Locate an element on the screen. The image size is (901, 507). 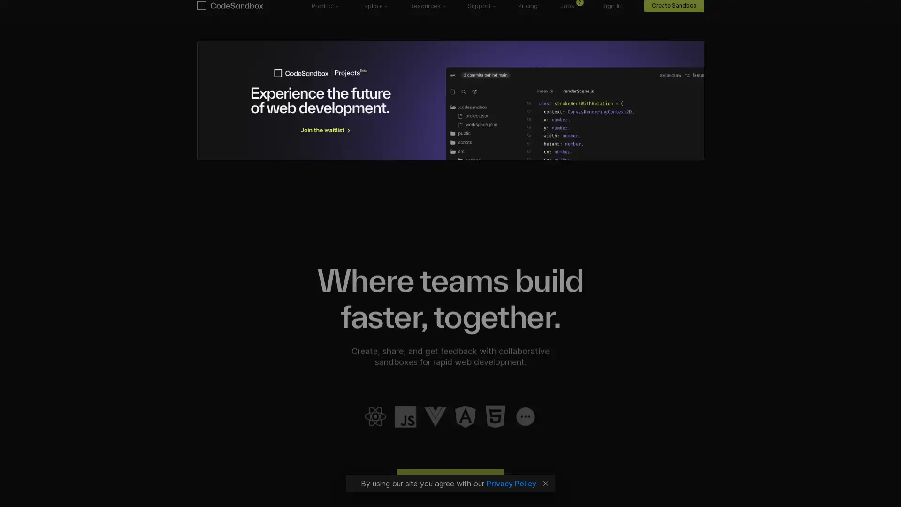
Close is located at coordinates (545, 483).